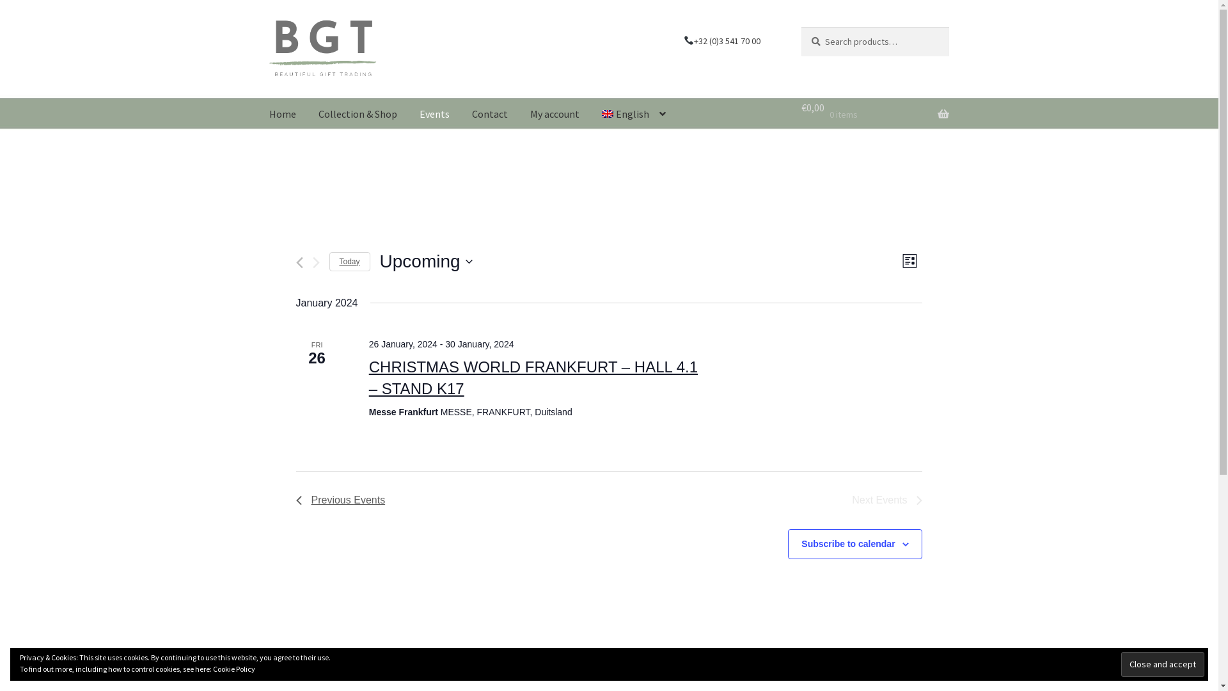 This screenshot has height=691, width=1228. Describe the element at coordinates (886, 500) in the screenshot. I see `'Next Events'` at that location.